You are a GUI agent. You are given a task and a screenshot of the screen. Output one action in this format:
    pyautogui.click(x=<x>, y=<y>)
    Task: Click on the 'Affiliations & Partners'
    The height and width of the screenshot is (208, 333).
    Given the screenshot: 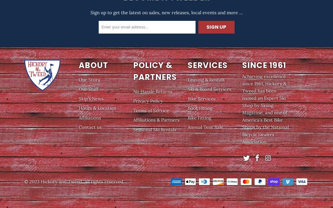 What is the action you would take?
    pyautogui.click(x=156, y=119)
    